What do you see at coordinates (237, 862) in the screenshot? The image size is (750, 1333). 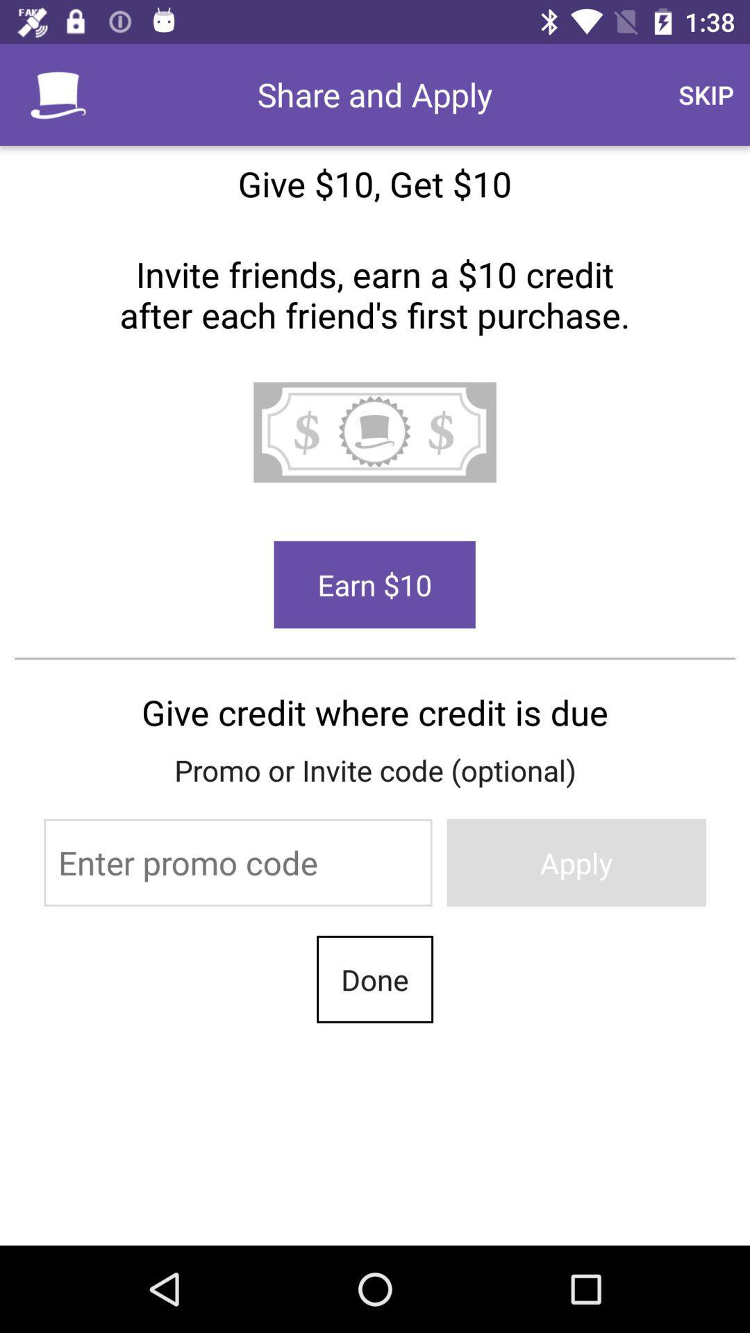 I see `the item below the promo or invite item` at bounding box center [237, 862].